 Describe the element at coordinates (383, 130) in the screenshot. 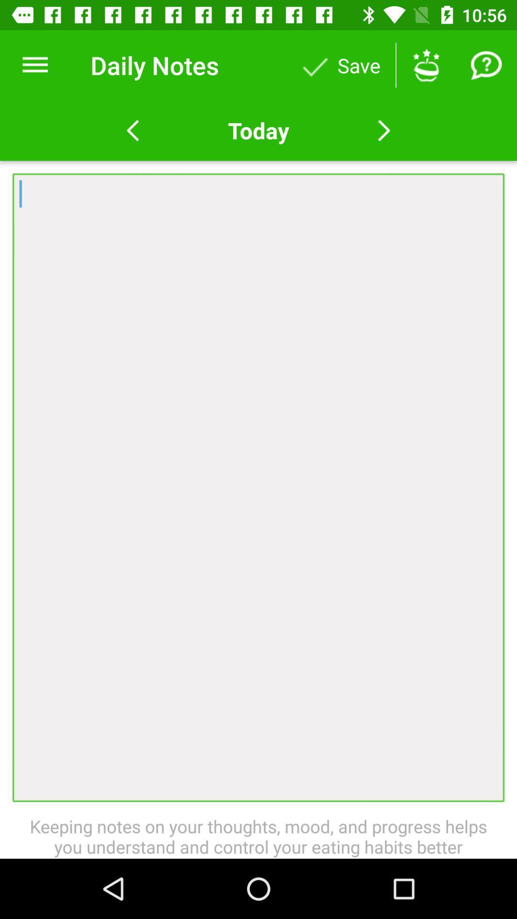

I see `next day` at that location.